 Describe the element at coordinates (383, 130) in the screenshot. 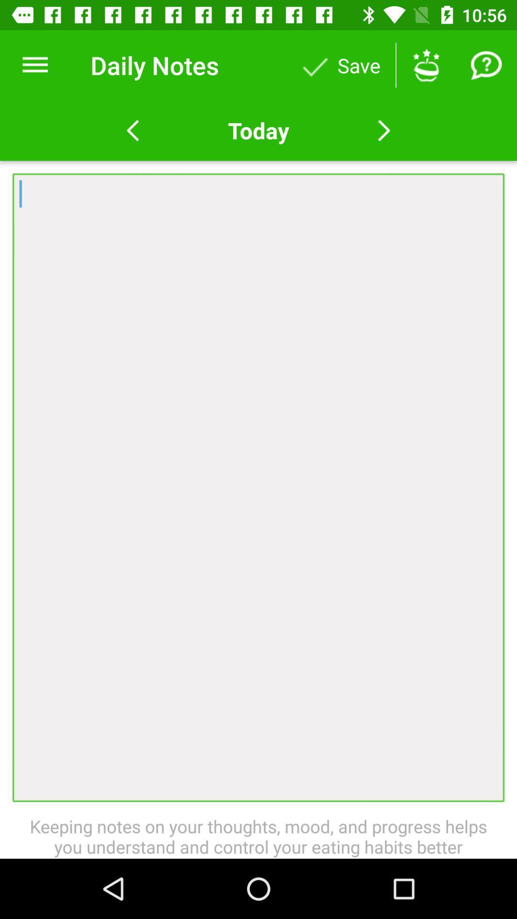

I see `next day` at that location.